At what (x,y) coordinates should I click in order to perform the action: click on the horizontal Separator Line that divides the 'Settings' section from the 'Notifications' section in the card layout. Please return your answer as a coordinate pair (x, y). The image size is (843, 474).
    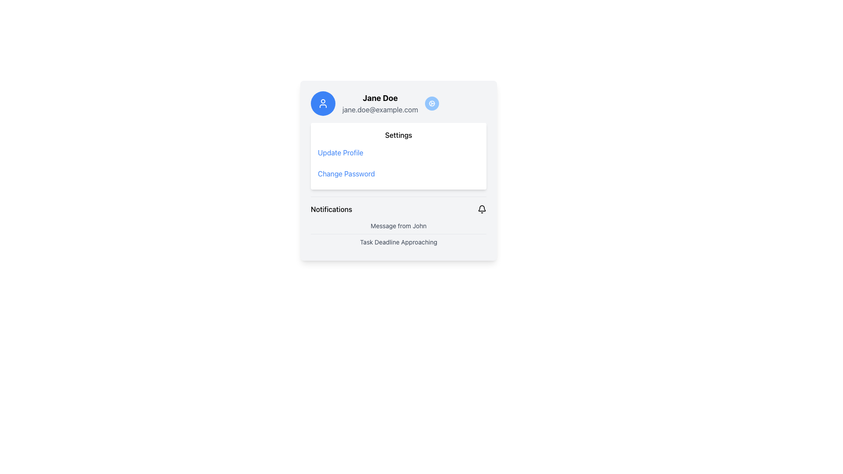
    Looking at the image, I should click on (398, 196).